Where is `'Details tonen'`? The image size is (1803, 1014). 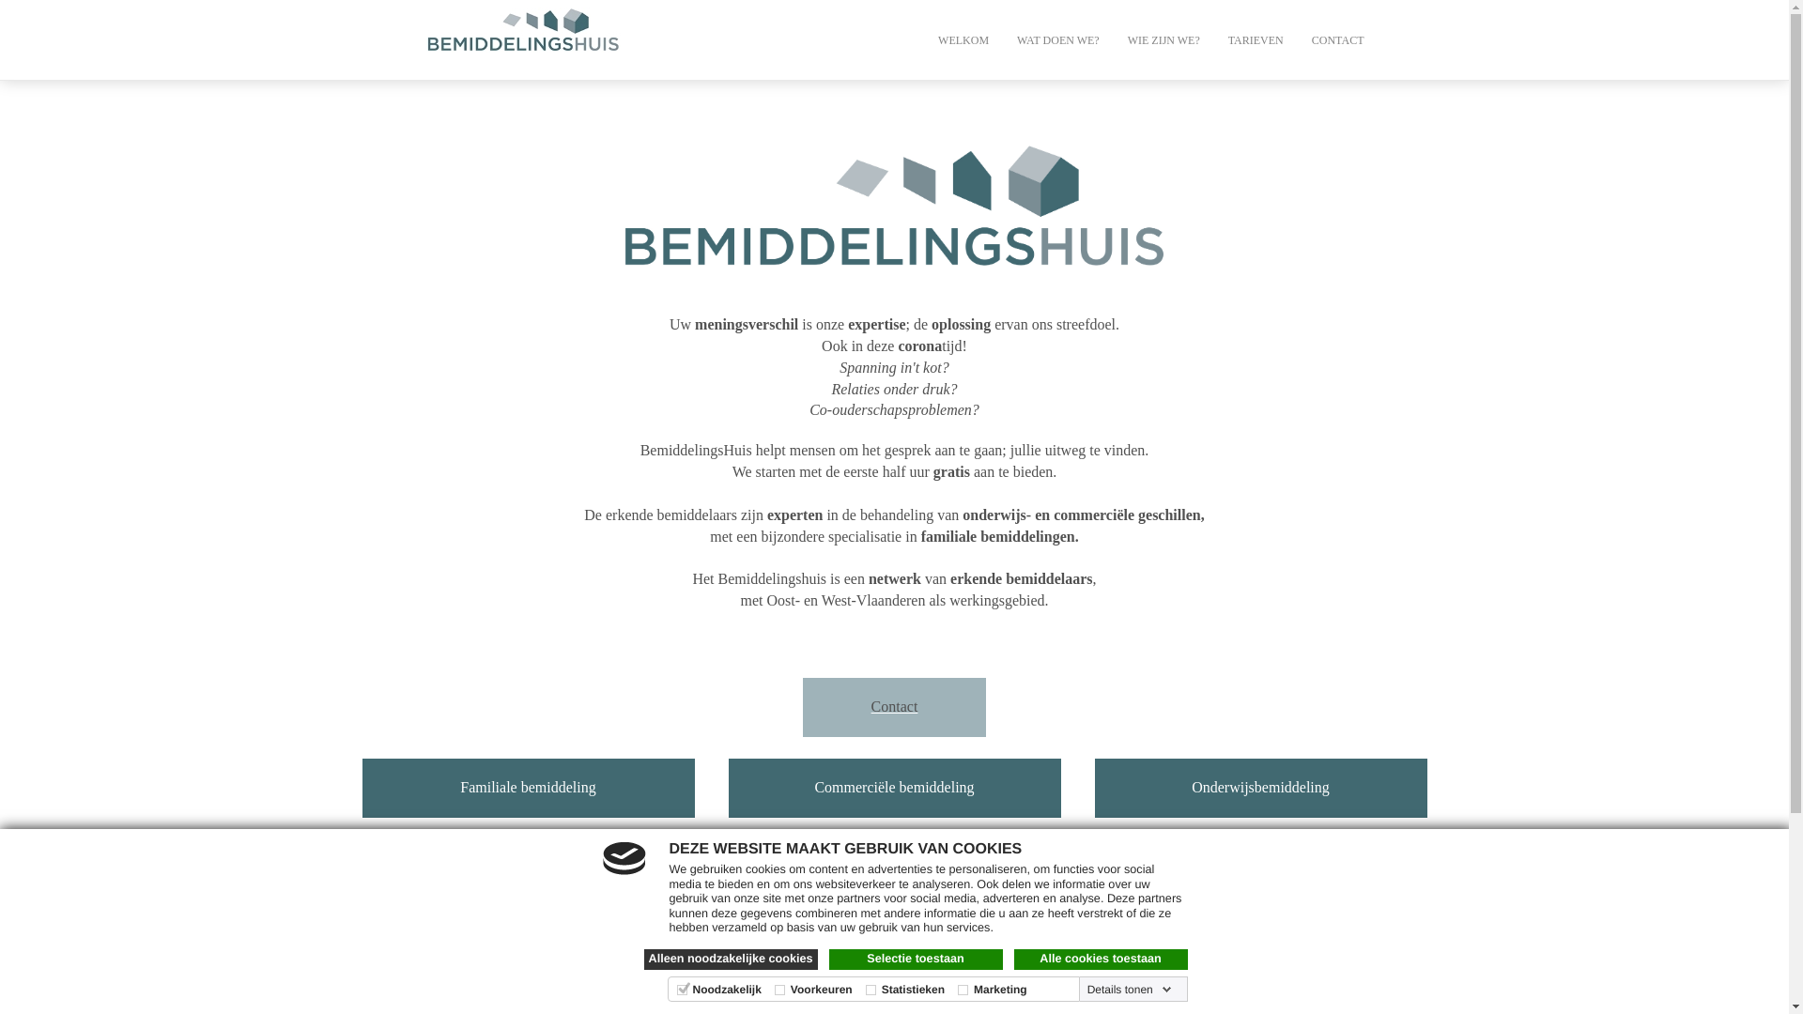 'Details tonen' is located at coordinates (1083, 988).